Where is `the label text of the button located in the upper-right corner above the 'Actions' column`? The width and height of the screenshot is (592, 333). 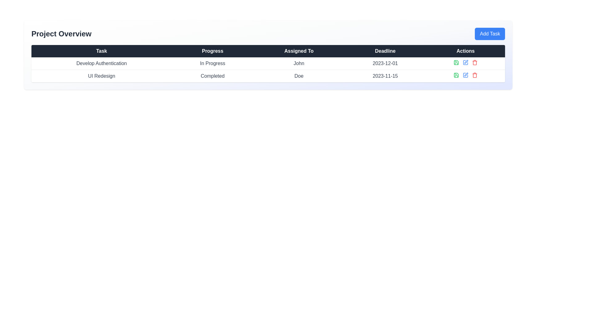 the label text of the button located in the upper-right corner above the 'Actions' column is located at coordinates (489, 34).